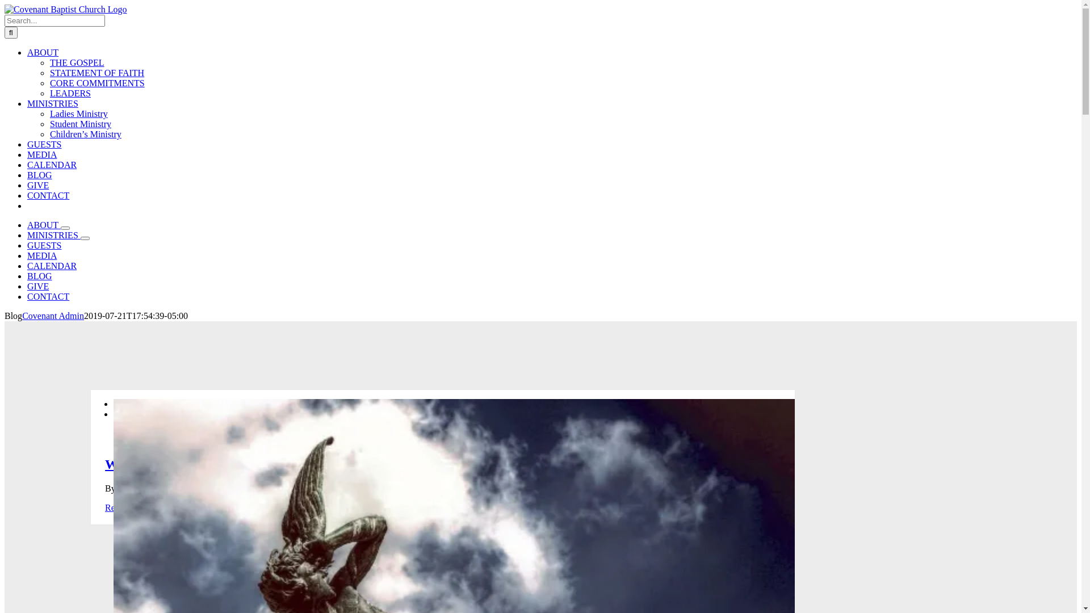  Describe the element at coordinates (41, 255) in the screenshot. I see `'MEDIA'` at that location.